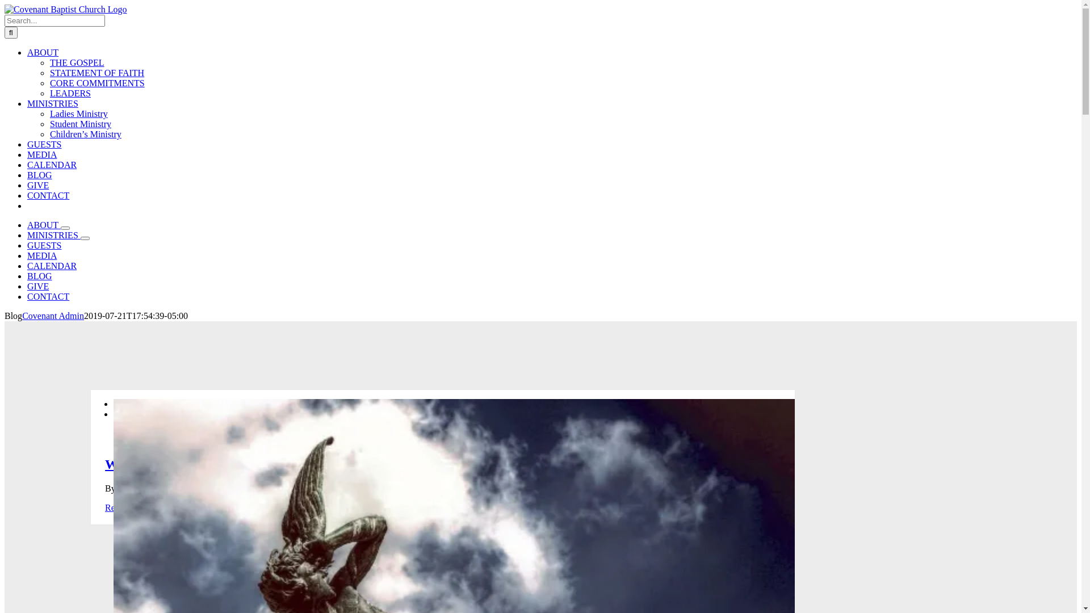  Describe the element at coordinates (41, 255) in the screenshot. I see `'MEDIA'` at that location.